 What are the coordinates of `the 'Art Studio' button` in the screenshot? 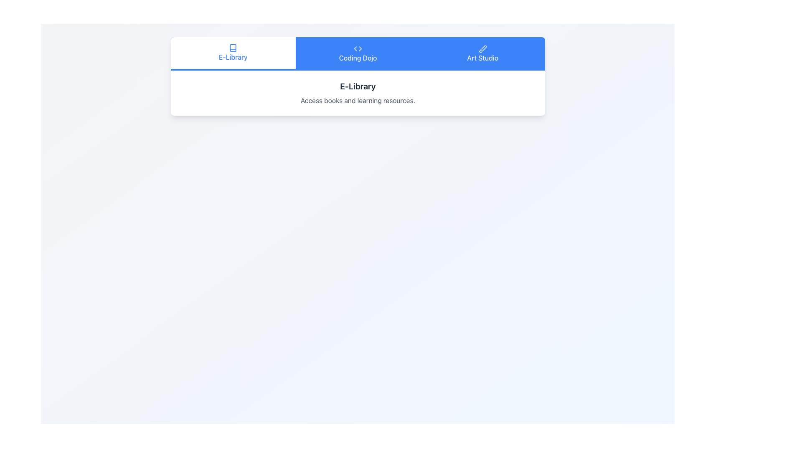 It's located at (482, 53).